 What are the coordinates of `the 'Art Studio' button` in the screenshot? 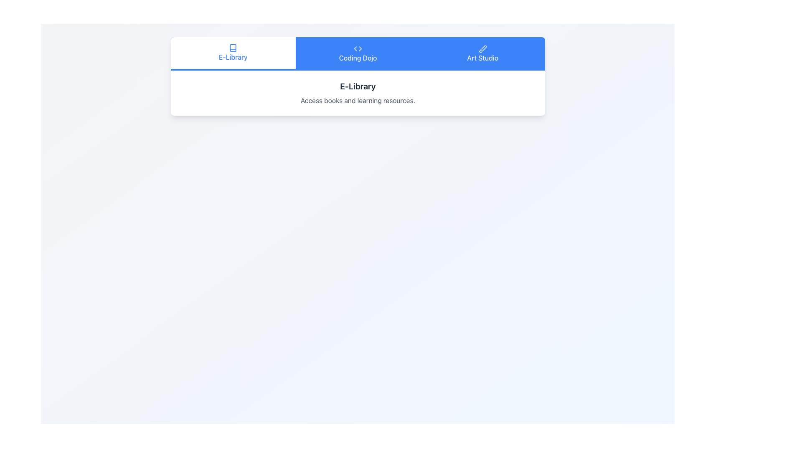 It's located at (482, 53).